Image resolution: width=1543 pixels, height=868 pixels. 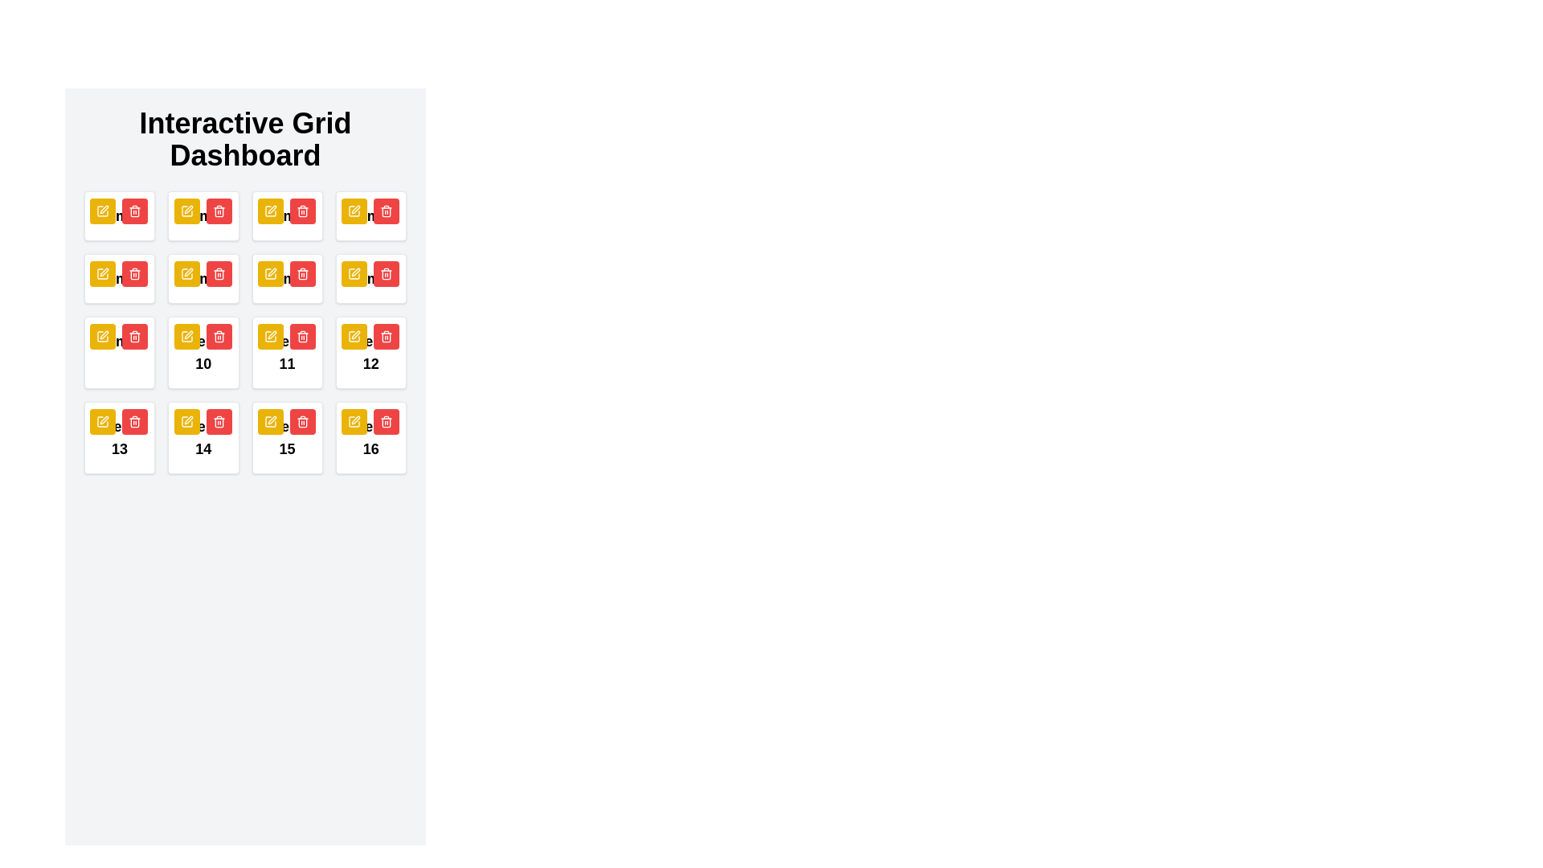 I want to click on the 'Edit' button located at the top-left corner of the card labeled '5', so click(x=102, y=272).